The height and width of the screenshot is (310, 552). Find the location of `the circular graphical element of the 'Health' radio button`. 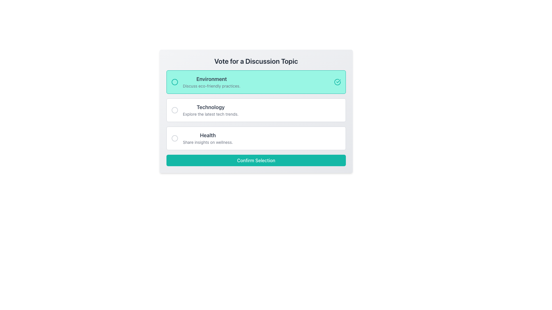

the circular graphical element of the 'Health' radio button is located at coordinates (175, 138).